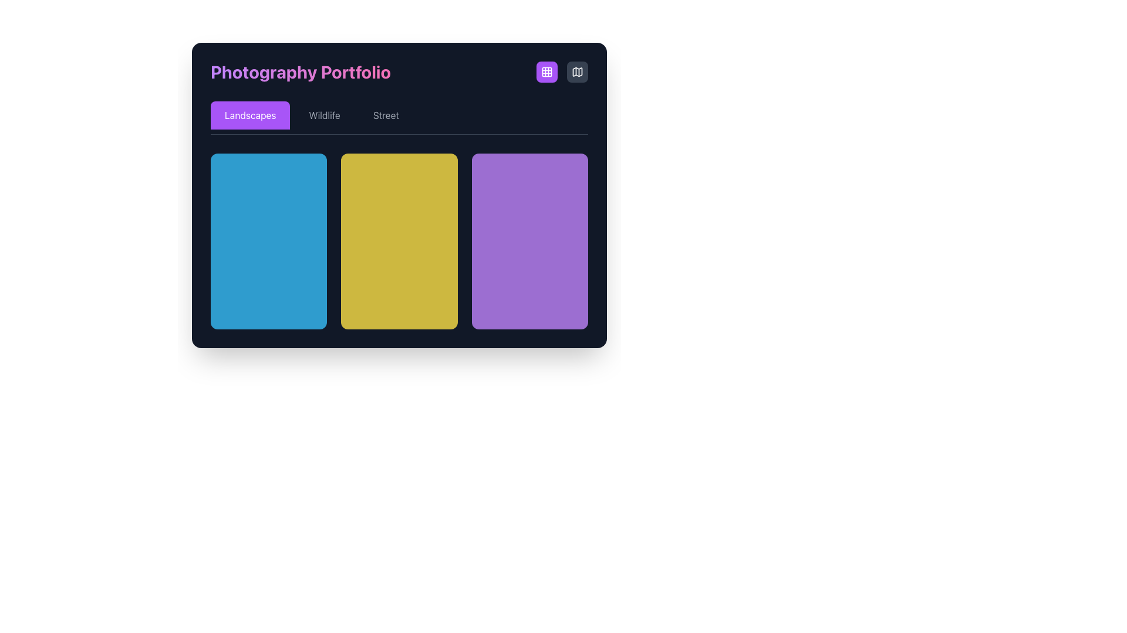  What do you see at coordinates (559, 167) in the screenshot?
I see `the orange circular indicator located near the top edge of the purple card, which is the rightmost card in a row of three cards` at bounding box center [559, 167].